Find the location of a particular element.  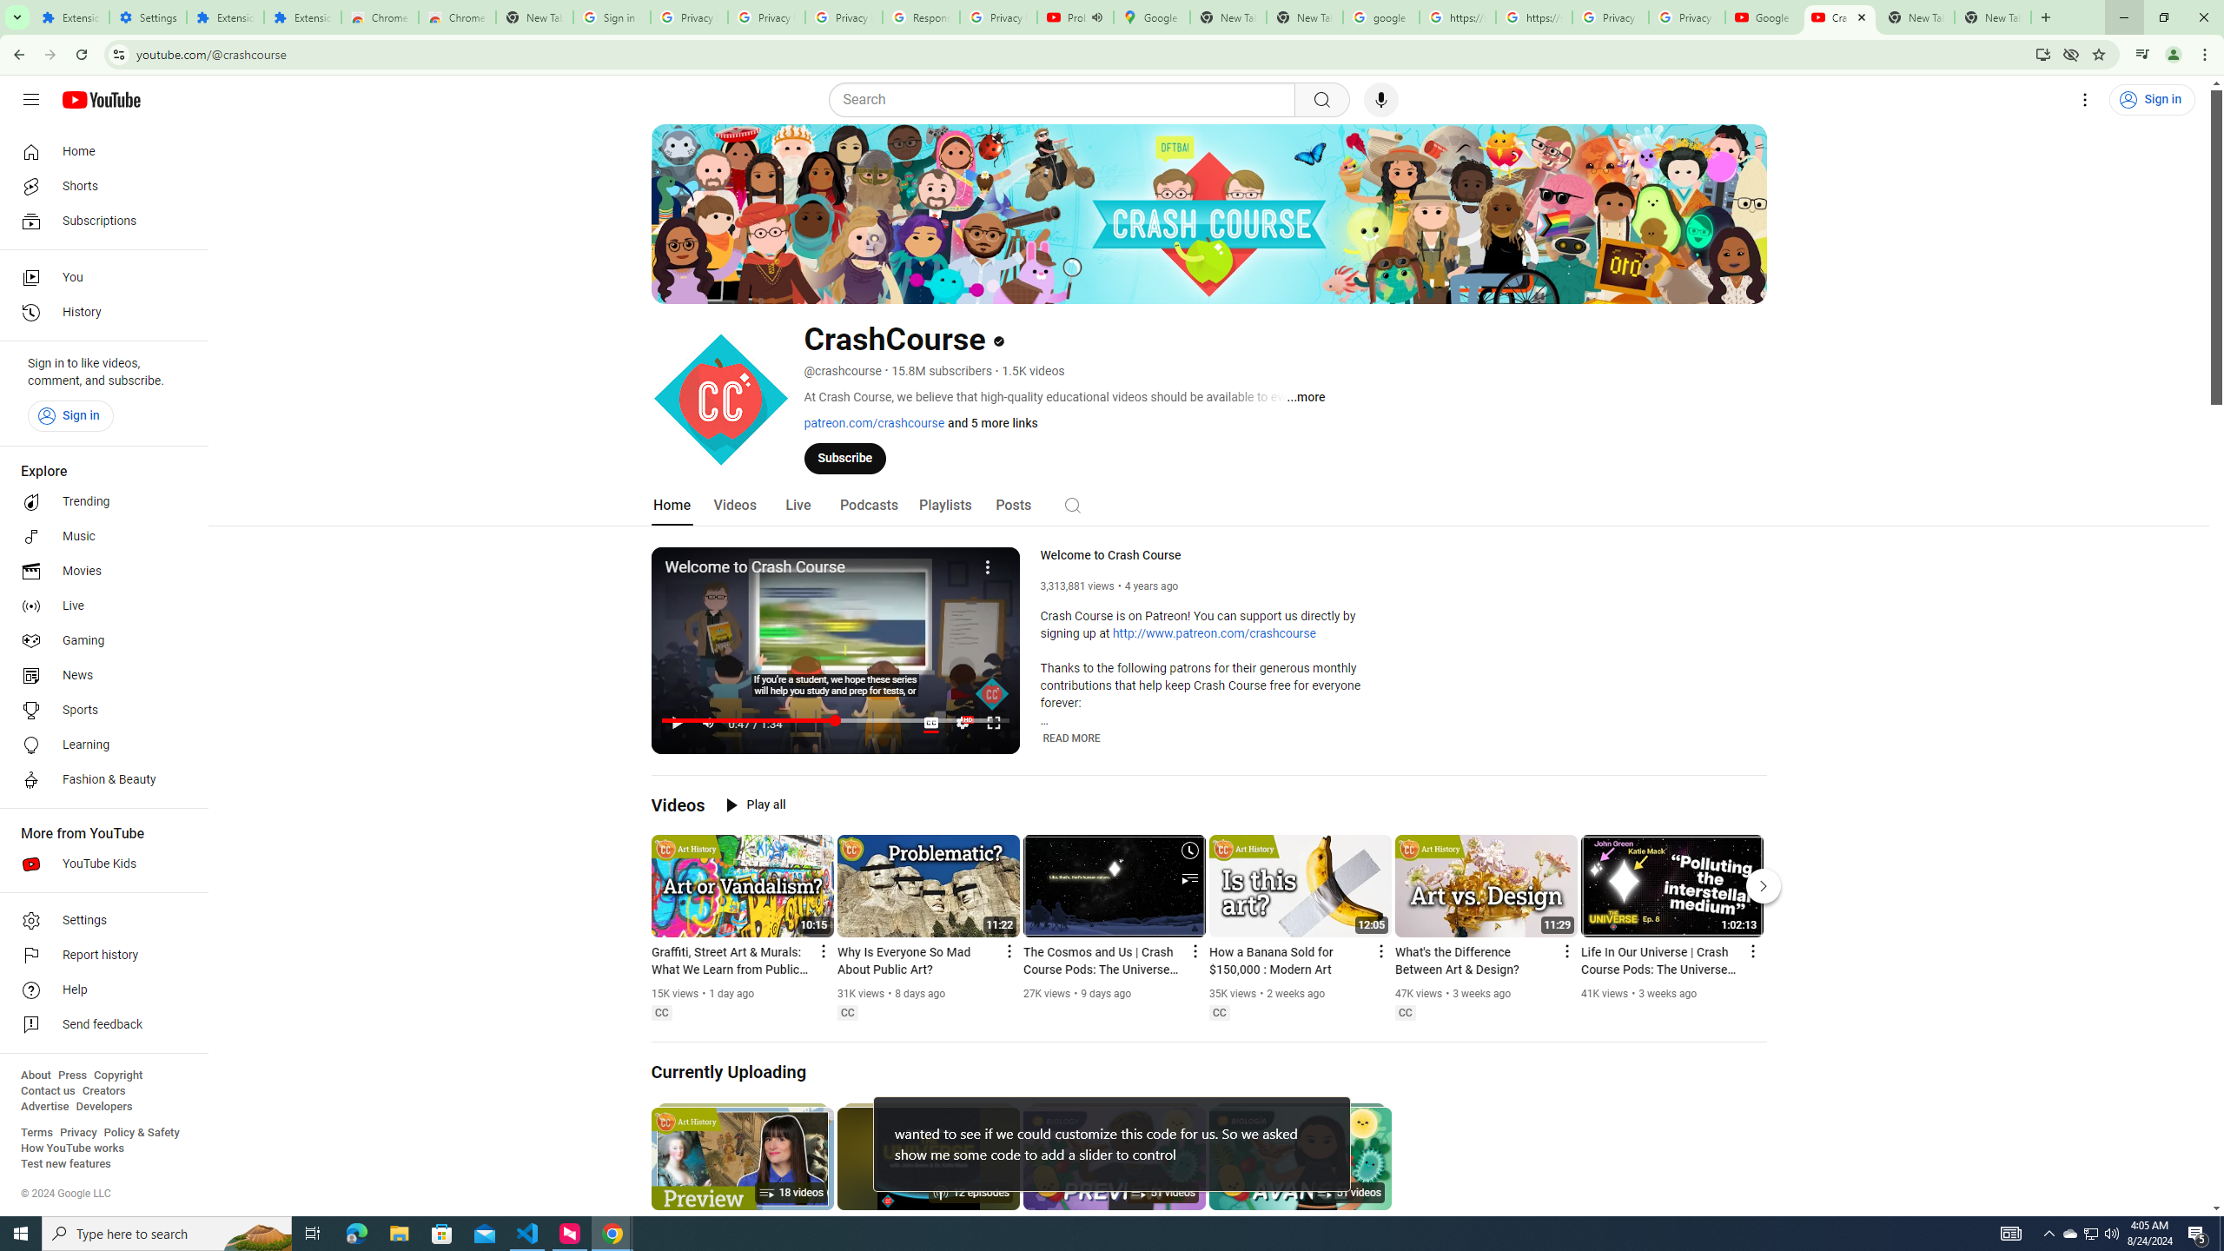

'Forward' is located at coordinates (50, 54).